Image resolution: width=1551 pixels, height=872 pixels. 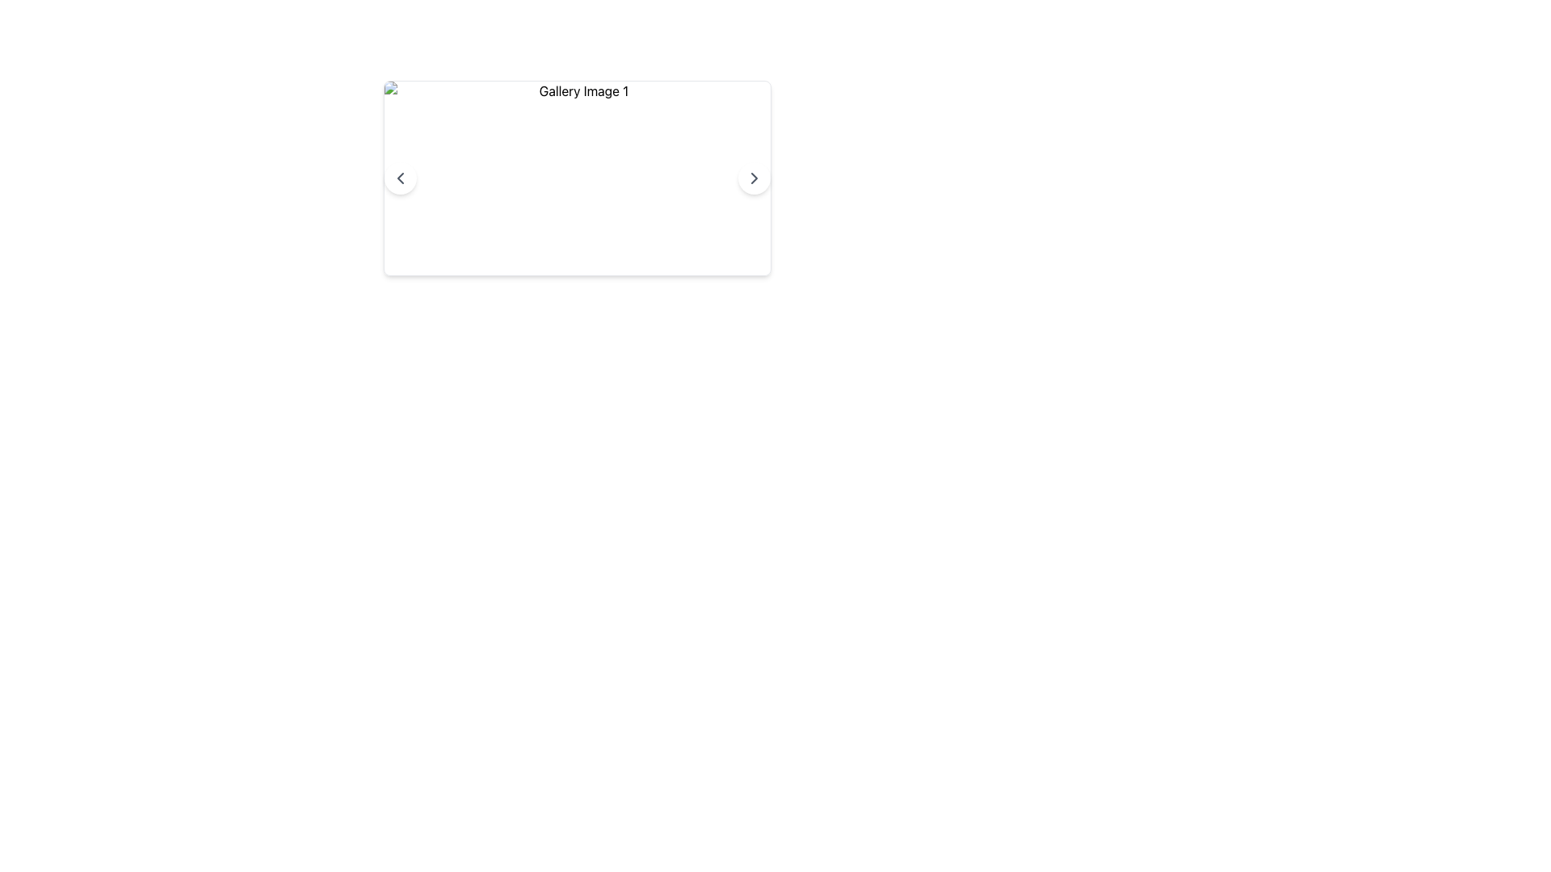 I want to click on the third circular indicator with a light gray background, so click(x=596, y=289).